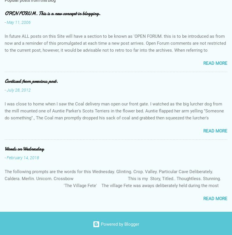  Describe the element at coordinates (115, 199) in the screenshot. I see `'The following prompts are the words for this Wednesday.   Glinting.  Crop.  Valley.  Particular  Cave  Deliberately.  Caldera.  Merlin.  Unicorn.  Crossbow                                               This is my  Story, Titled..  Thoughtless.  Stunning.                                                         'The Village Fete'       The village Fete was aways deliberately held during the most promising sunny day during mid - July when it was attended by the vast majority of the population of Lower Frogsbottom, a Village within a valley of the Chilterns in rural Oxfordshire England  .  The mass hysteria, centred mostly around the beer tent and other local yokel exciting happenings were the guessing of the weight of the pig. an unfortunate little porker destined for the Barbeque, other exciting activities, like dipping the lady and the inevitable Cocoanut Shy.   As was the usual thing the opening ceremony was always heralded by the arrival of the village Squire  The Hon Sir Marm'` at that location.